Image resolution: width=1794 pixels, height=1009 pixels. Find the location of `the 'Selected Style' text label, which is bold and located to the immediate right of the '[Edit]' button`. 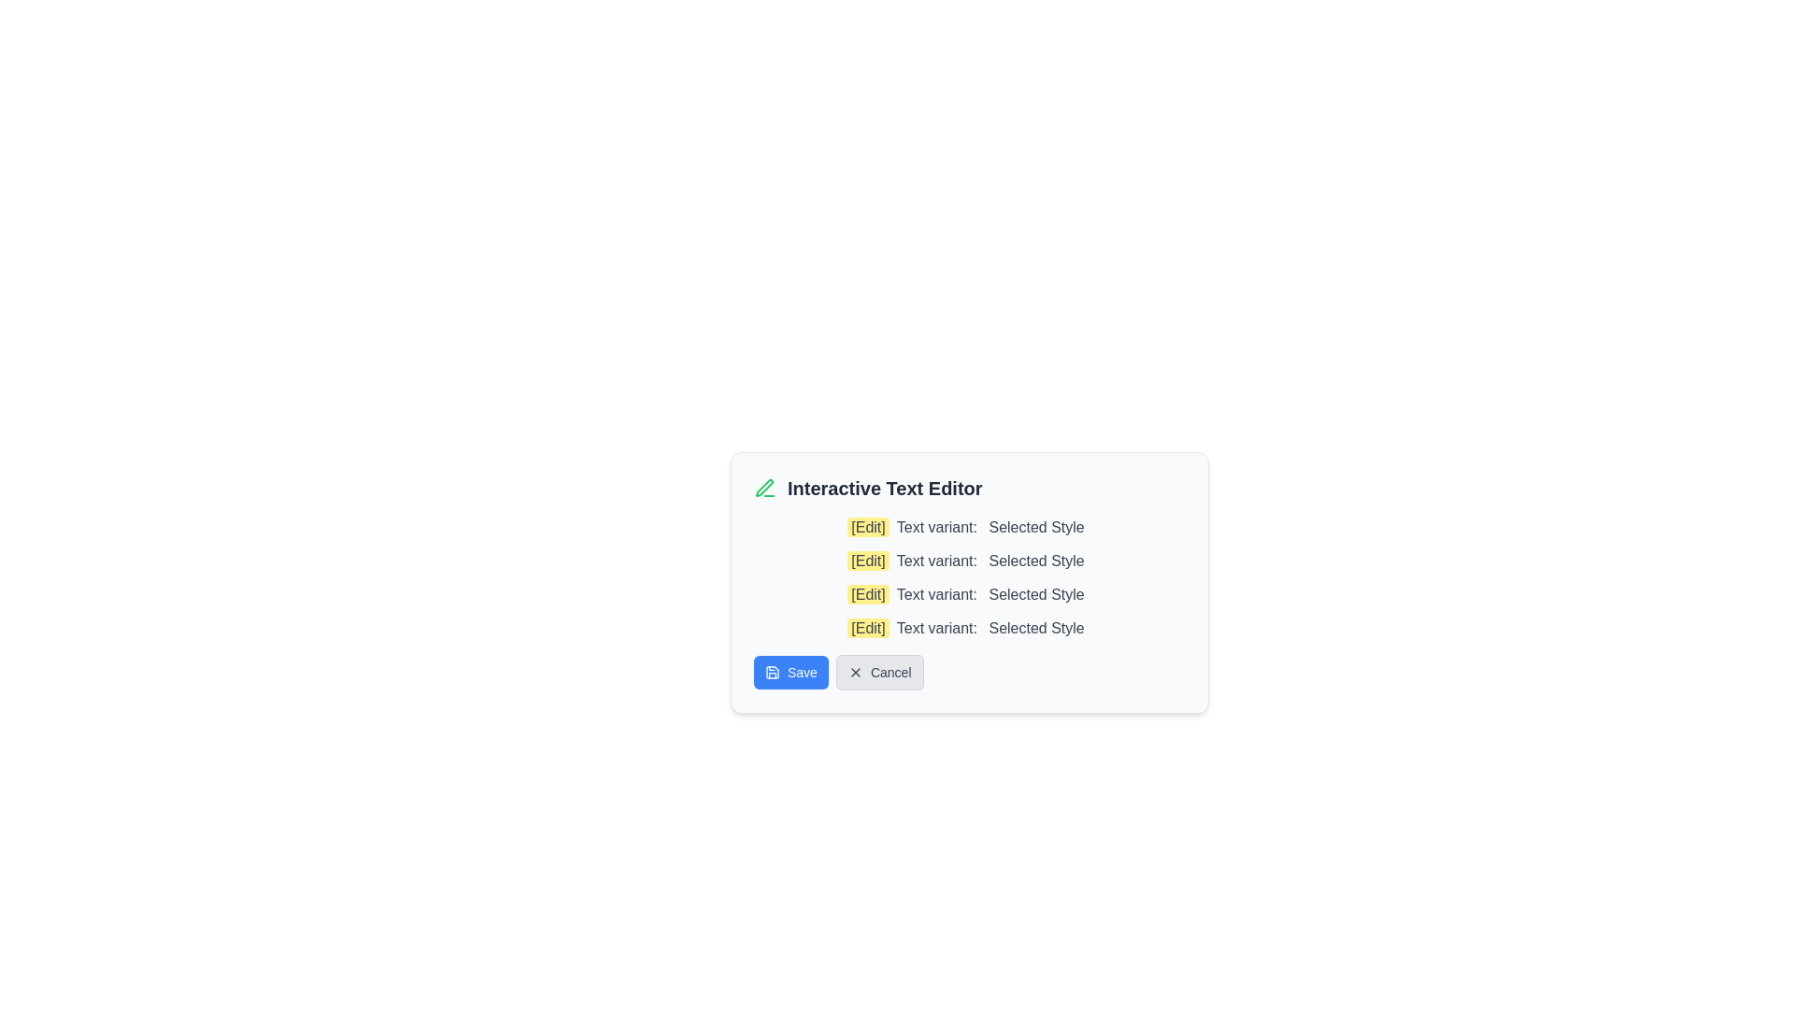

the 'Selected Style' text label, which is bold and located to the immediate right of the '[Edit]' button is located at coordinates (1035, 628).